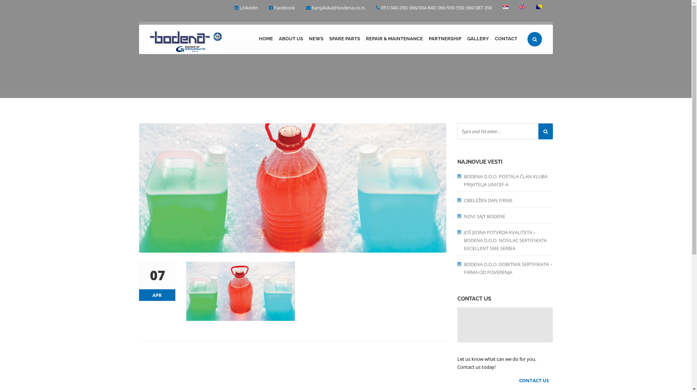  Describe the element at coordinates (284, 7) in the screenshot. I see `'Facebook'` at that location.